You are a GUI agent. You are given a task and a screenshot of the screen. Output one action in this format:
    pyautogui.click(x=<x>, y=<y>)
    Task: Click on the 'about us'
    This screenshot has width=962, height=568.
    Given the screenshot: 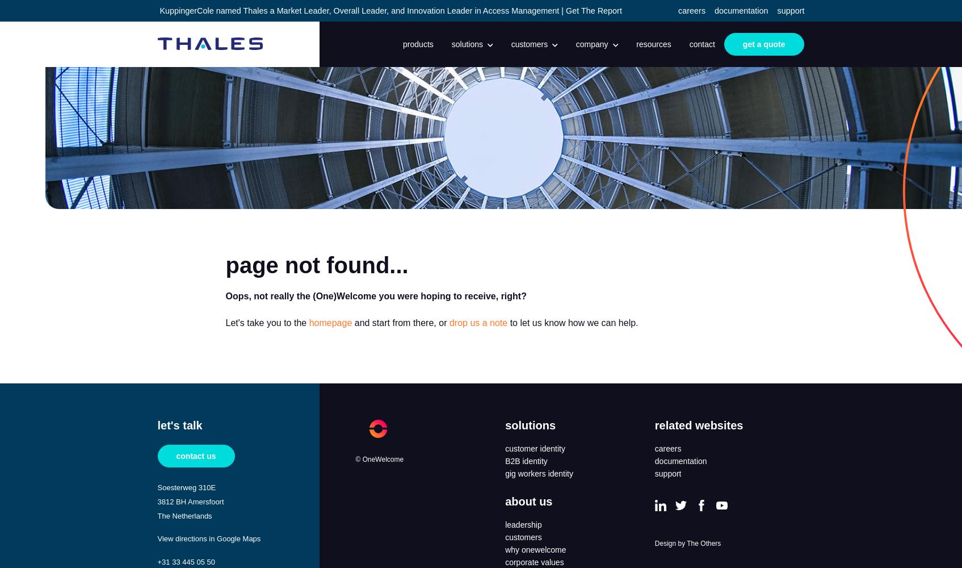 What is the action you would take?
    pyautogui.click(x=505, y=502)
    